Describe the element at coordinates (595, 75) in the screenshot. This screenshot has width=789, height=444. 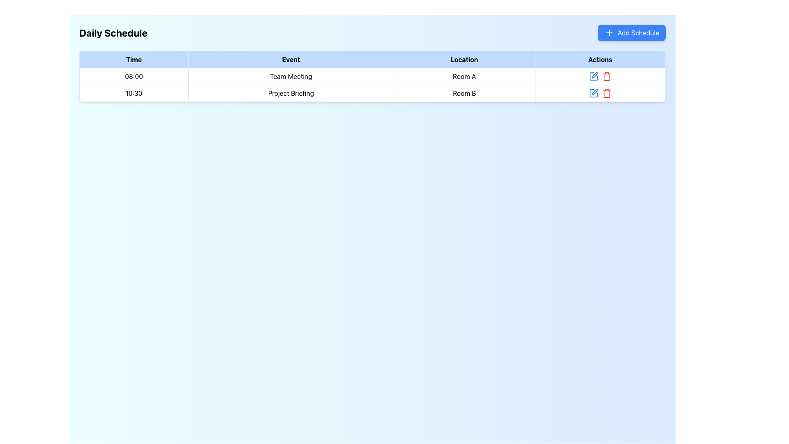
I see `the edit button for the 'Team Meeting' entry in the schedule` at that location.